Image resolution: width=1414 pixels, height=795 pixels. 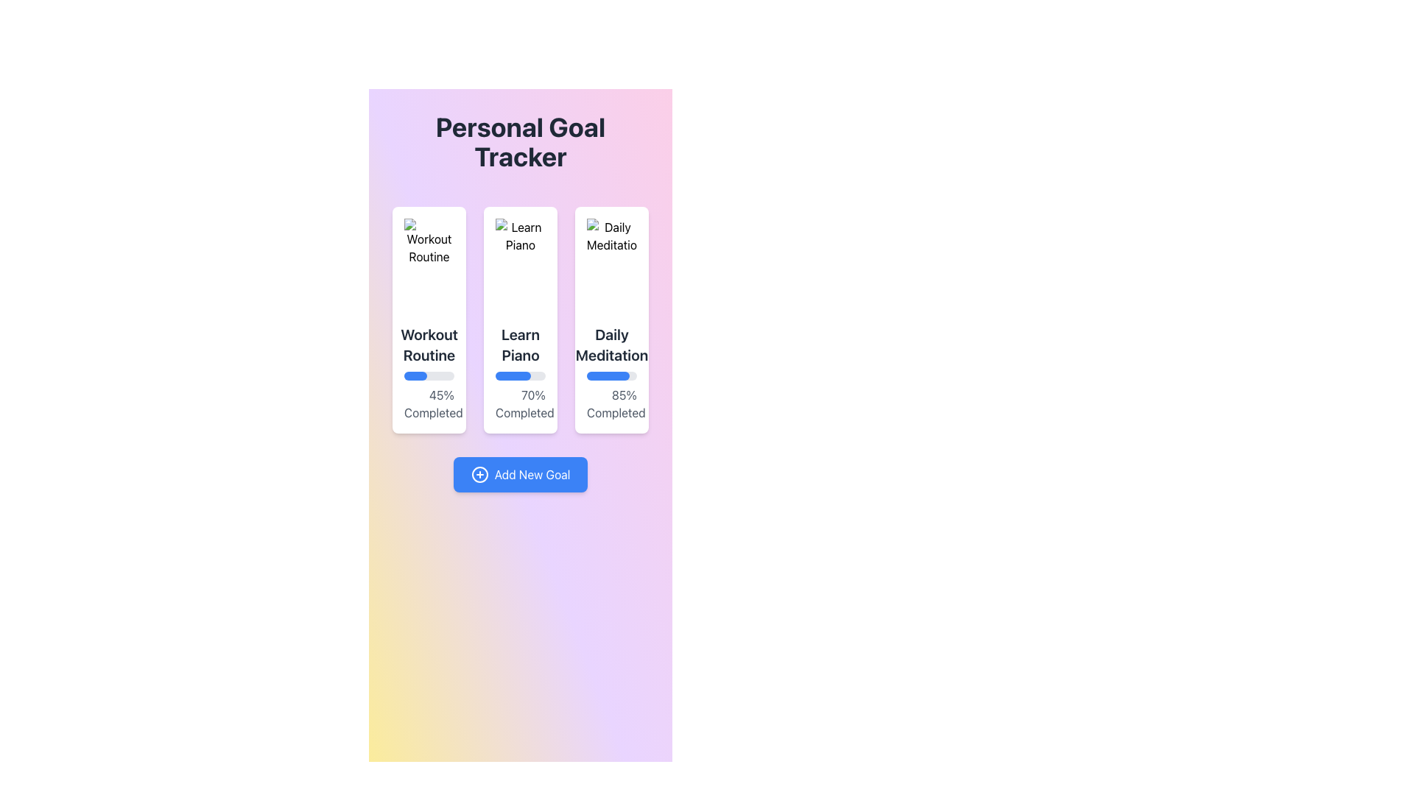 I want to click on the progress bar located in the 'Daily Meditation' section, which has a light gray background and an inner blue fill segment representing 85% completion, so click(x=611, y=375).